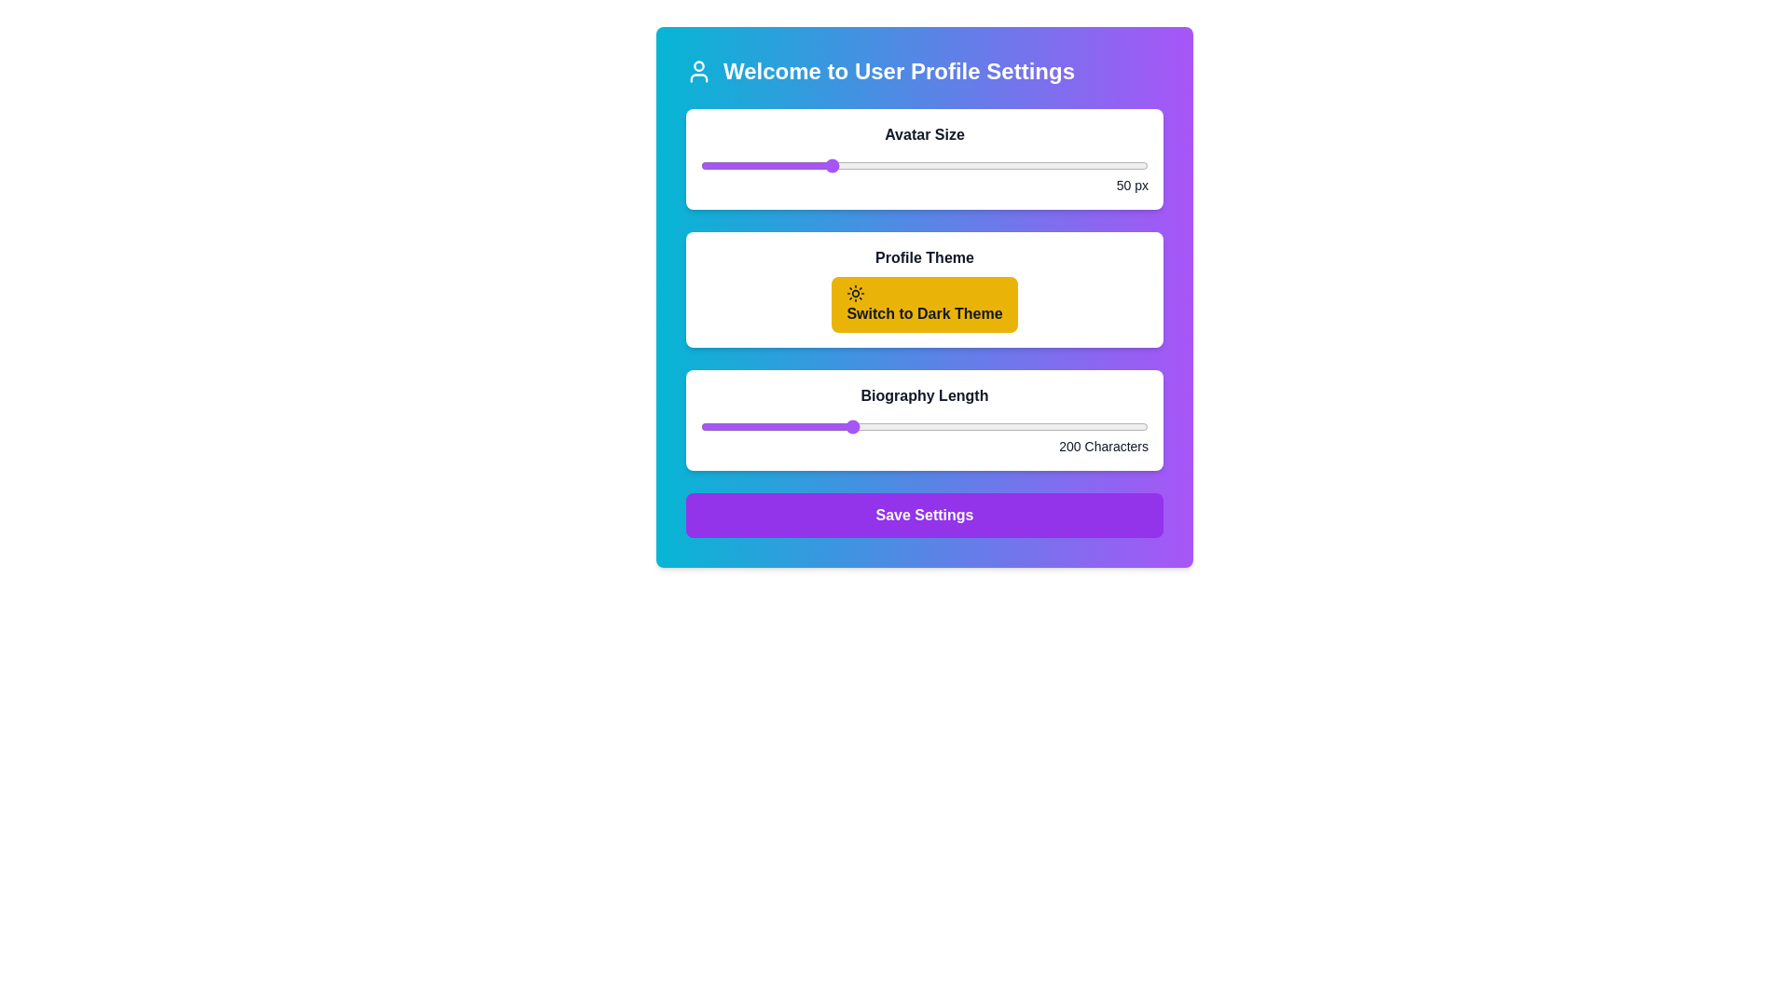 Image resolution: width=1790 pixels, height=1007 pixels. What do you see at coordinates (861, 427) in the screenshot?
I see `the biography length slider` at bounding box center [861, 427].